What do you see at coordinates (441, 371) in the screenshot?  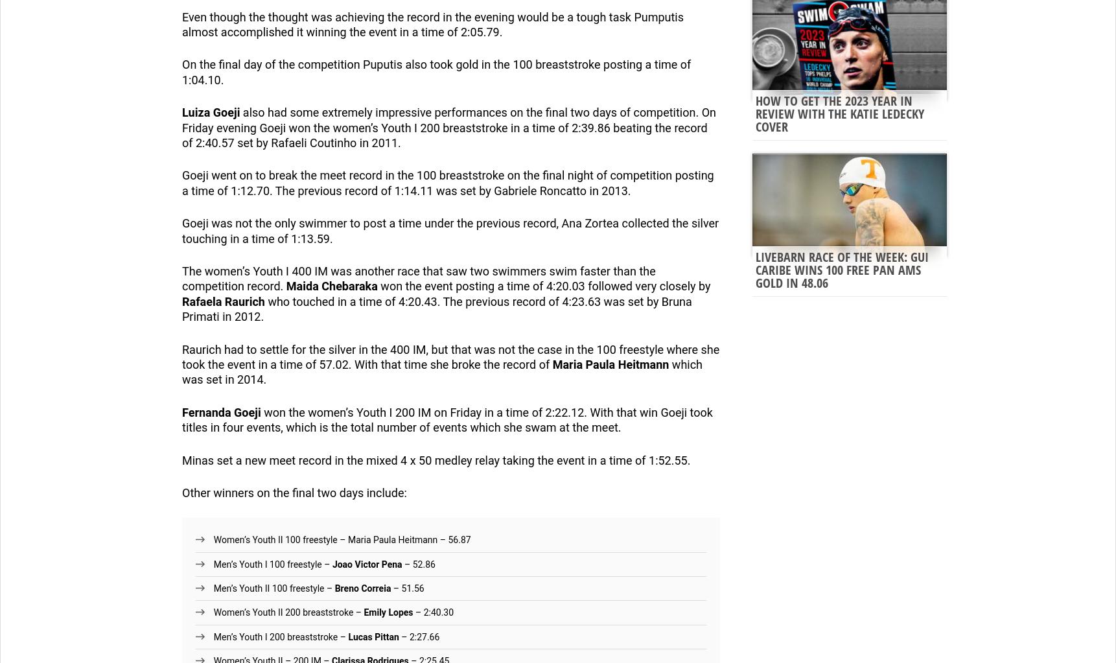 I see `'which was set in 2014.'` at bounding box center [441, 371].